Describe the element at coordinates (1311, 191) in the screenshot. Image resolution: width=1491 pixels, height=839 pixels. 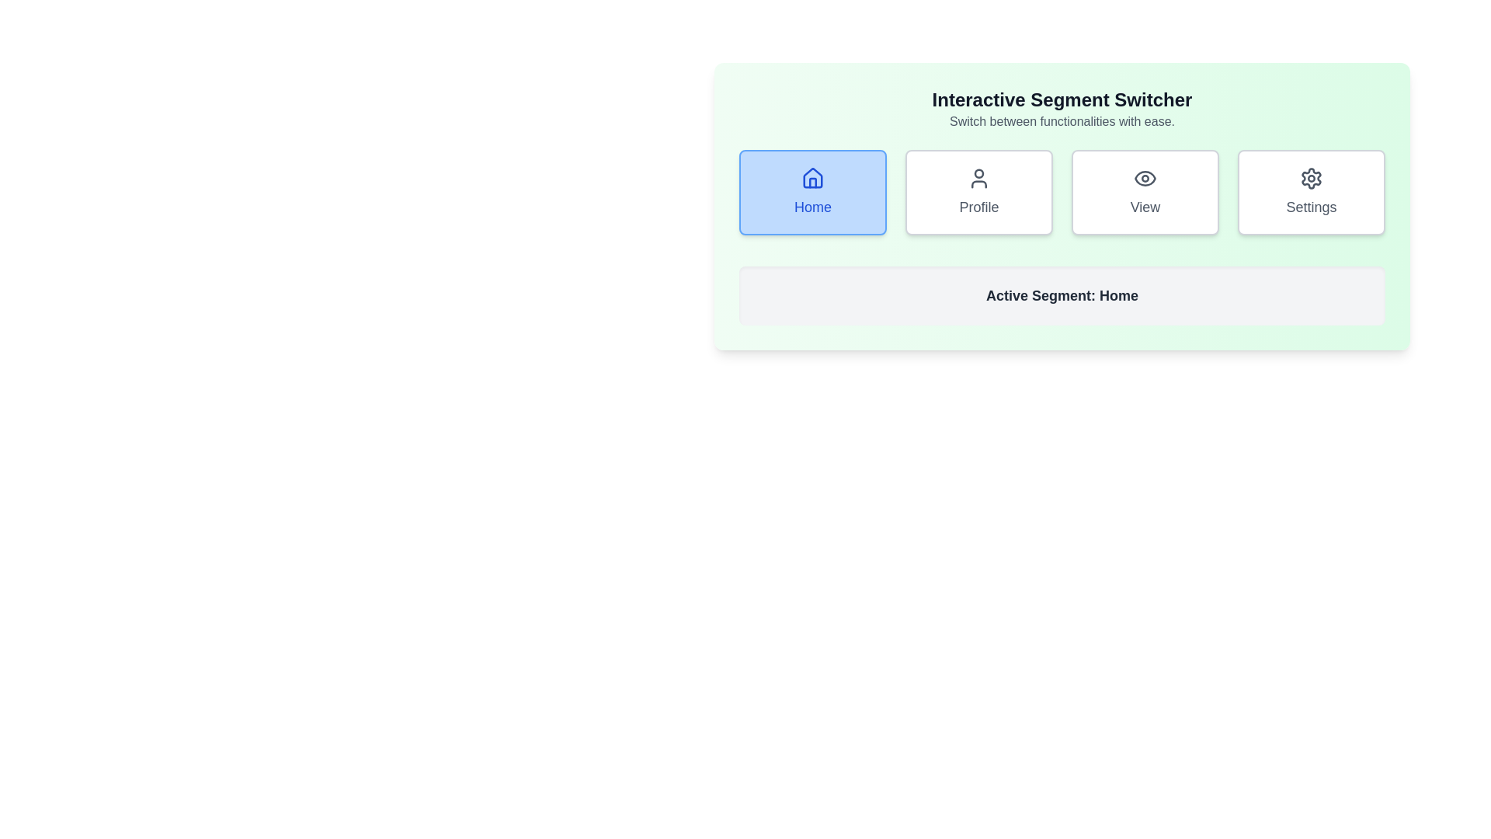
I see `the settings button located at the fourth position in the top right button grid` at that location.